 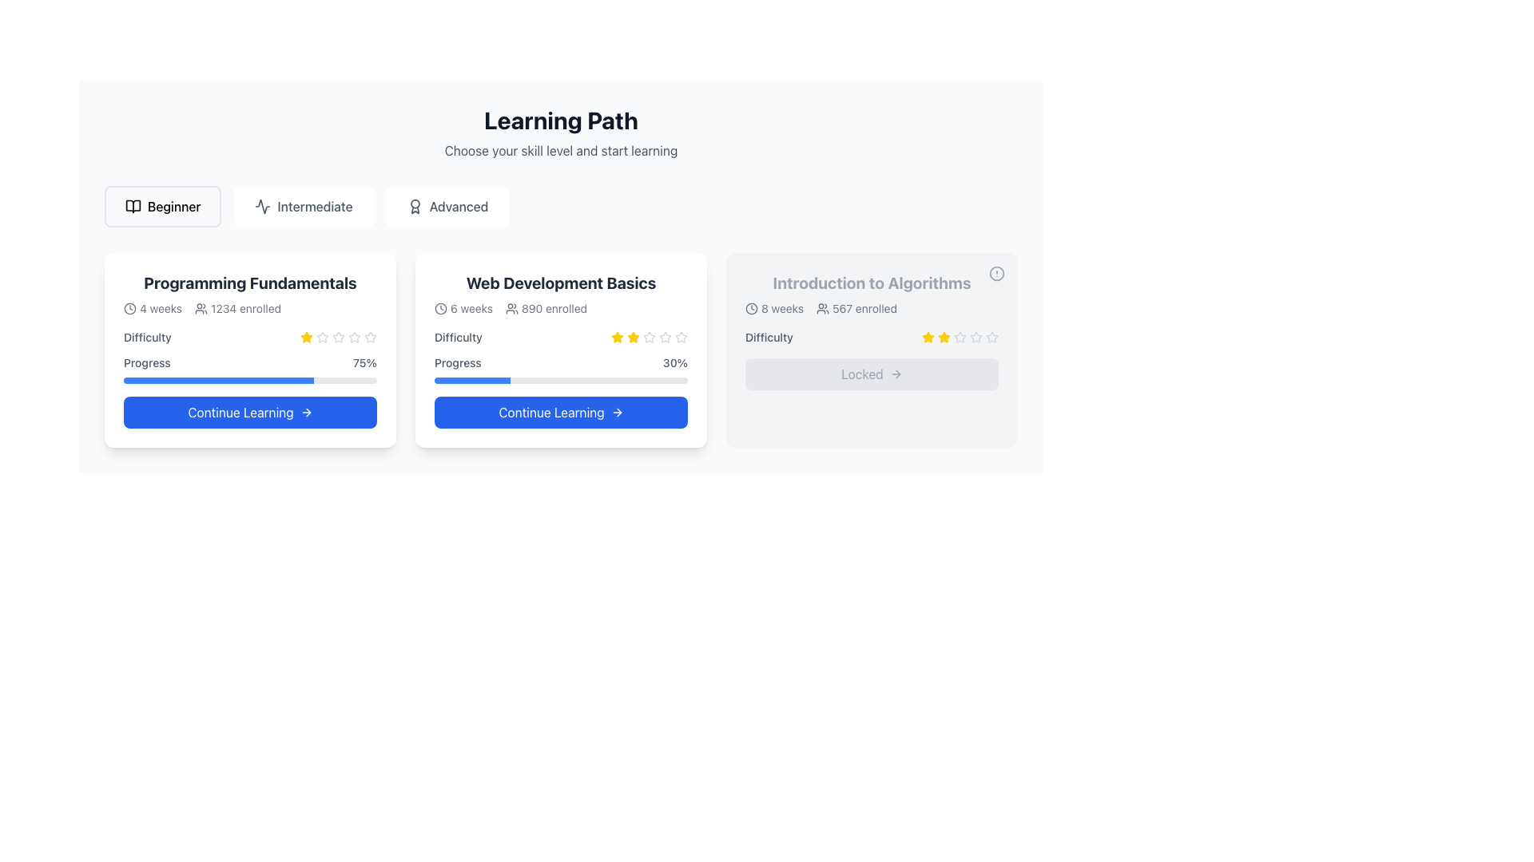 I want to click on the third star in the rating system for the 'Introduction to Algorithms' section, which is styled in light gray and is part of a group of five stars, so click(x=992, y=336).